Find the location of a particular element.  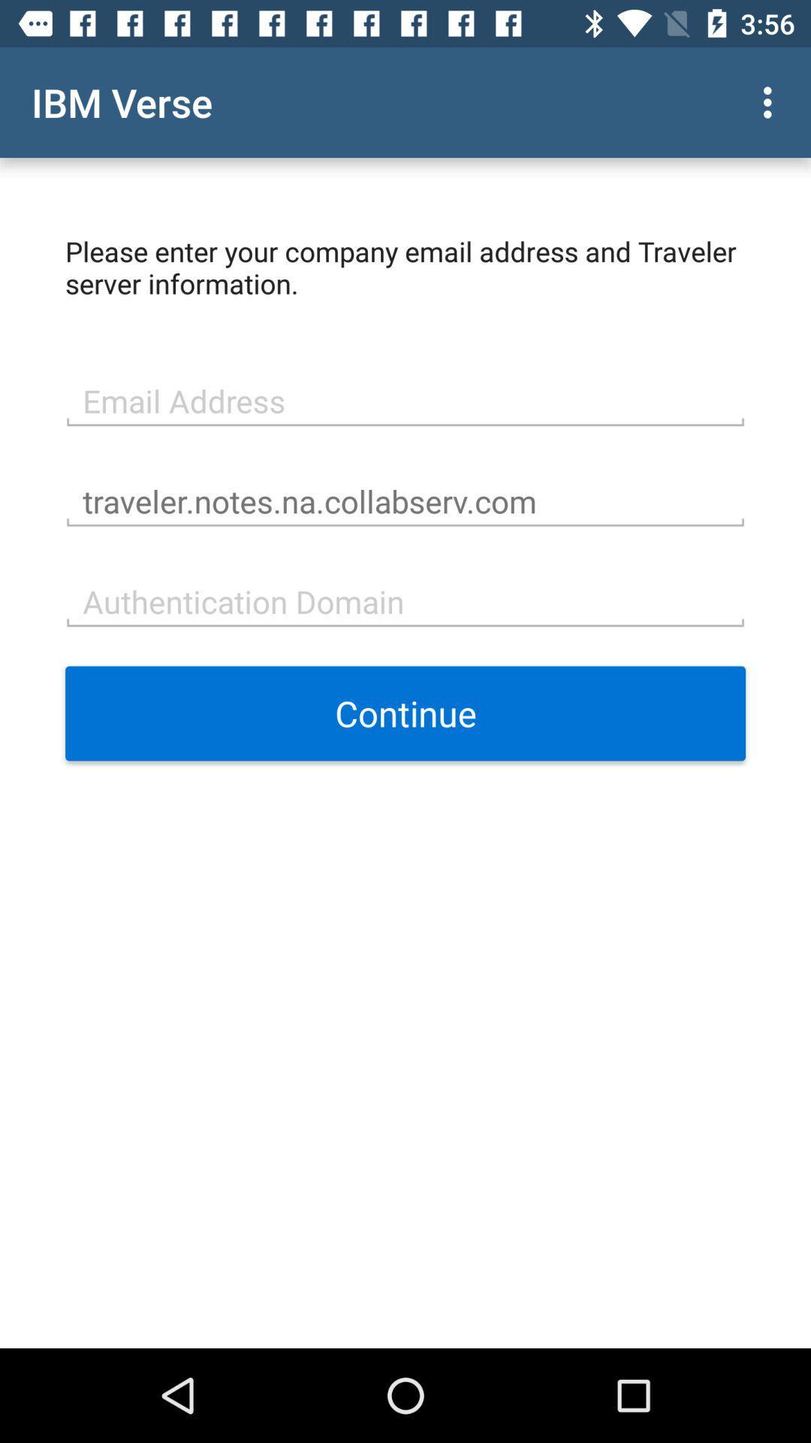

traveler notes na is located at coordinates (405, 500).